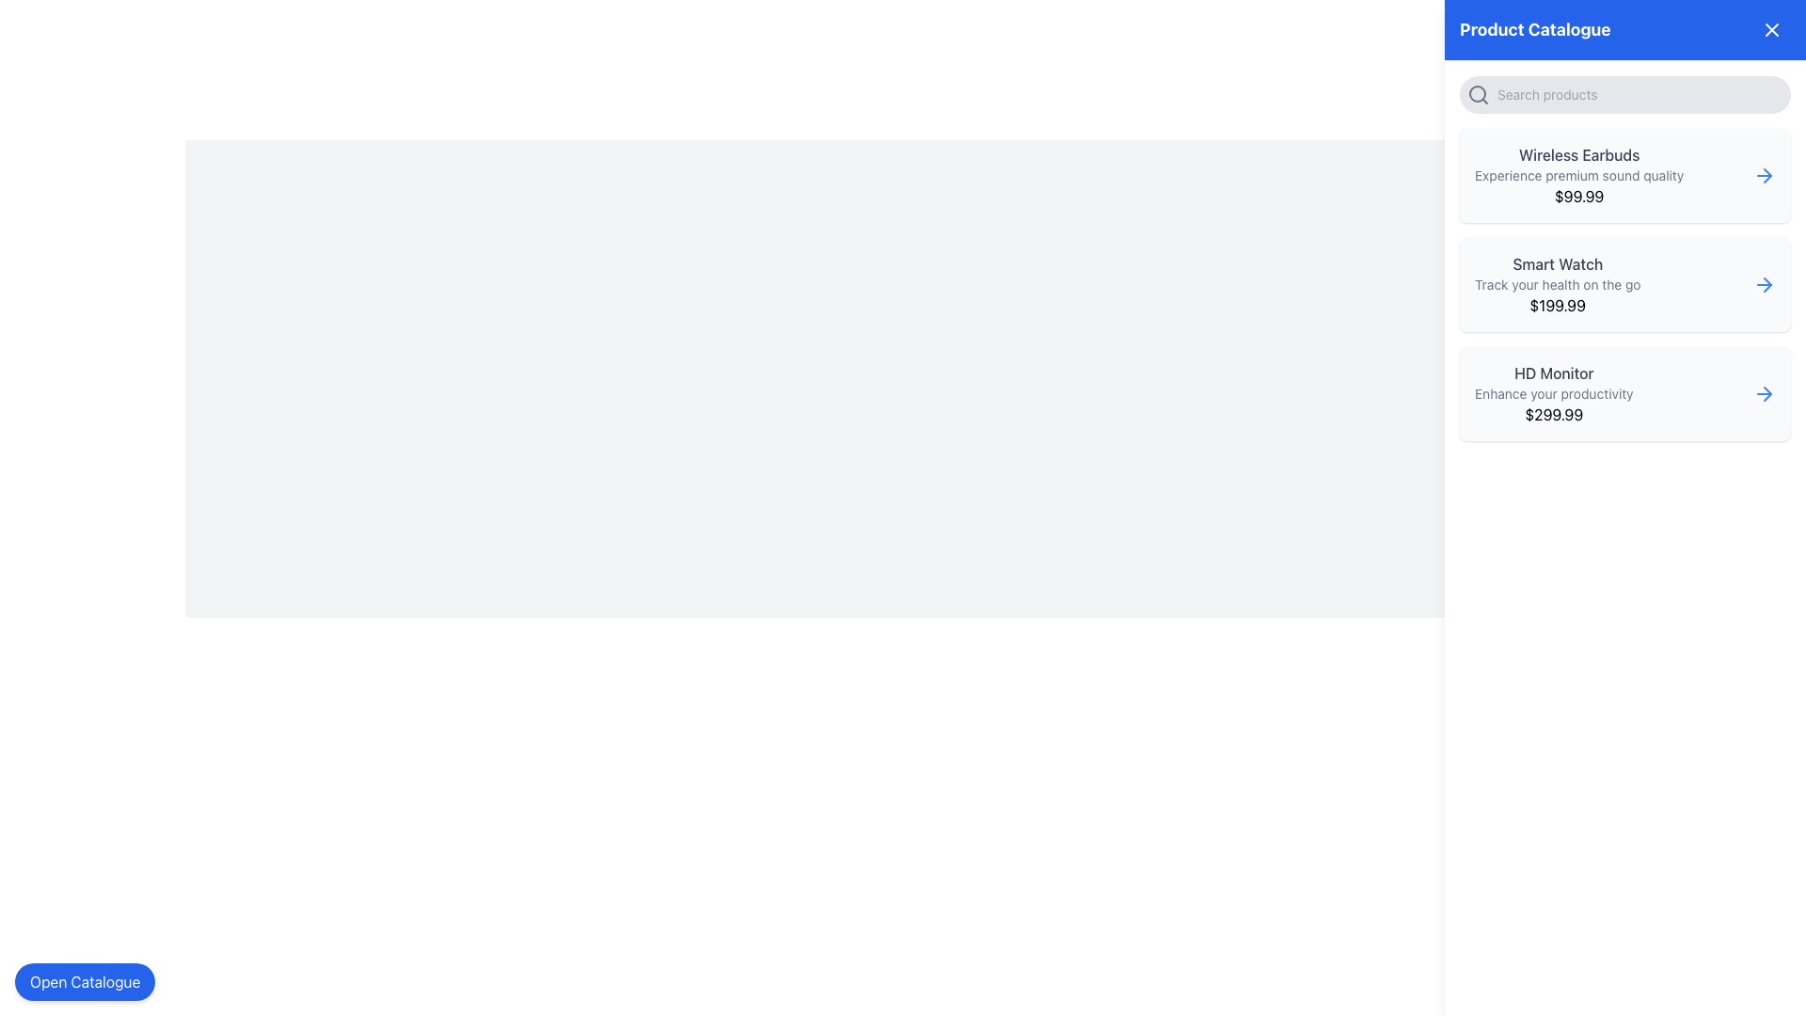 Image resolution: width=1806 pixels, height=1016 pixels. What do you see at coordinates (1558, 285) in the screenshot?
I see `product listing text block for the Smart Watch, which is the second entry in the vertical list on the right-hand side panel, located between 'Wireless Earbuds' and 'HD Monitor'` at bounding box center [1558, 285].